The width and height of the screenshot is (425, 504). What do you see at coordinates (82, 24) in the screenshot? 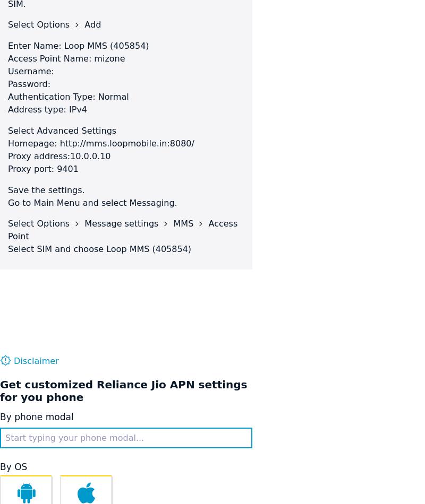
I see `'Add'` at bounding box center [82, 24].